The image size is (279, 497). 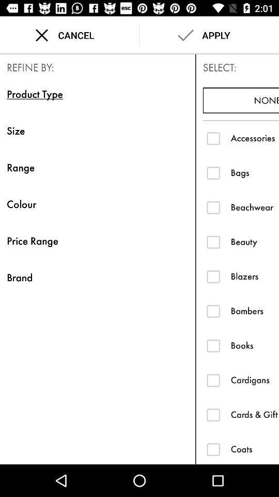 I want to click on ths item, so click(x=213, y=415).